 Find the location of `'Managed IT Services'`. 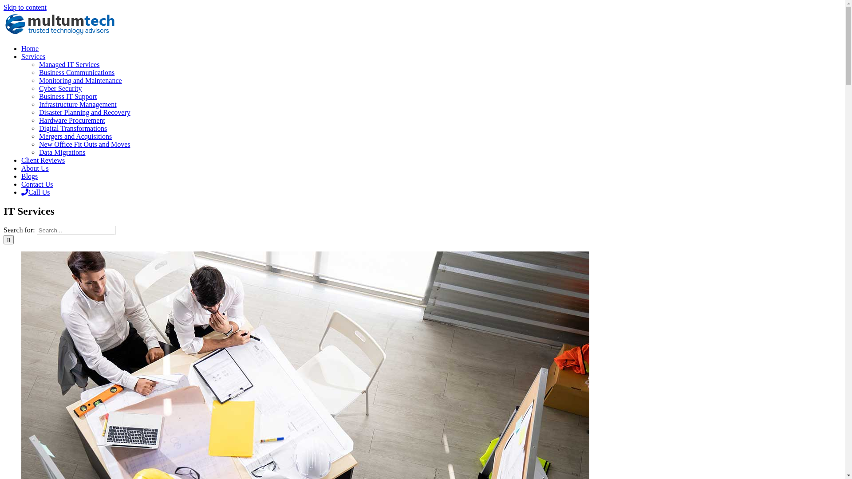

'Managed IT Services' is located at coordinates (69, 64).